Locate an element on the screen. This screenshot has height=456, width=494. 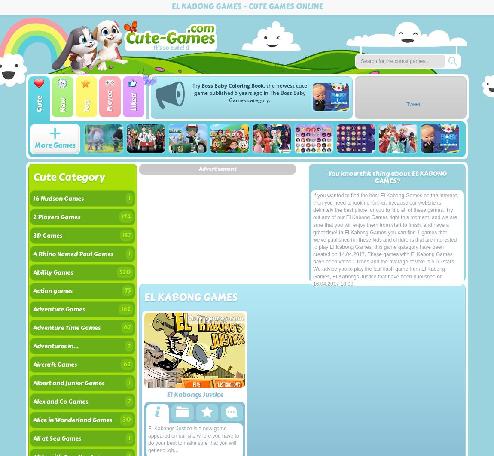
'67' is located at coordinates (127, 327).